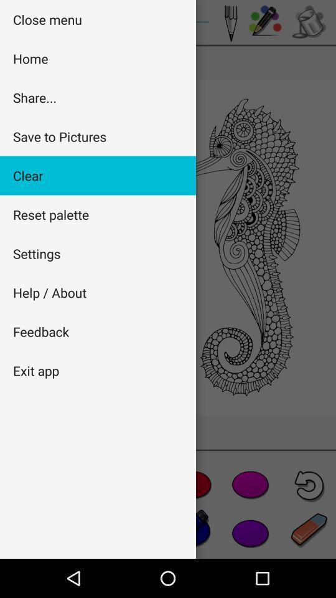 The image size is (336, 598). I want to click on the undo icon, so click(309, 485).